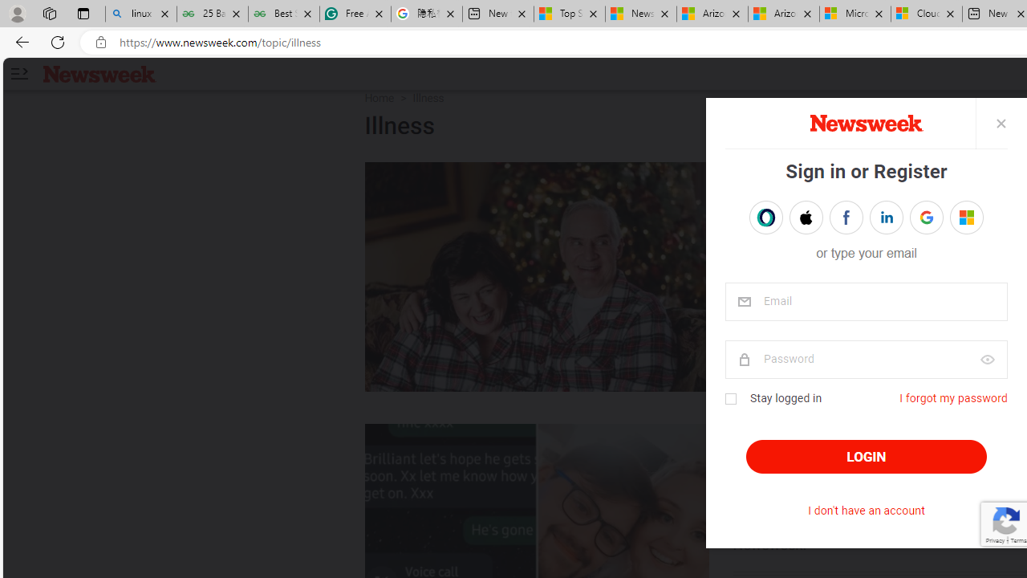  I want to click on 'Microsoft Services Agreement', so click(854, 14).